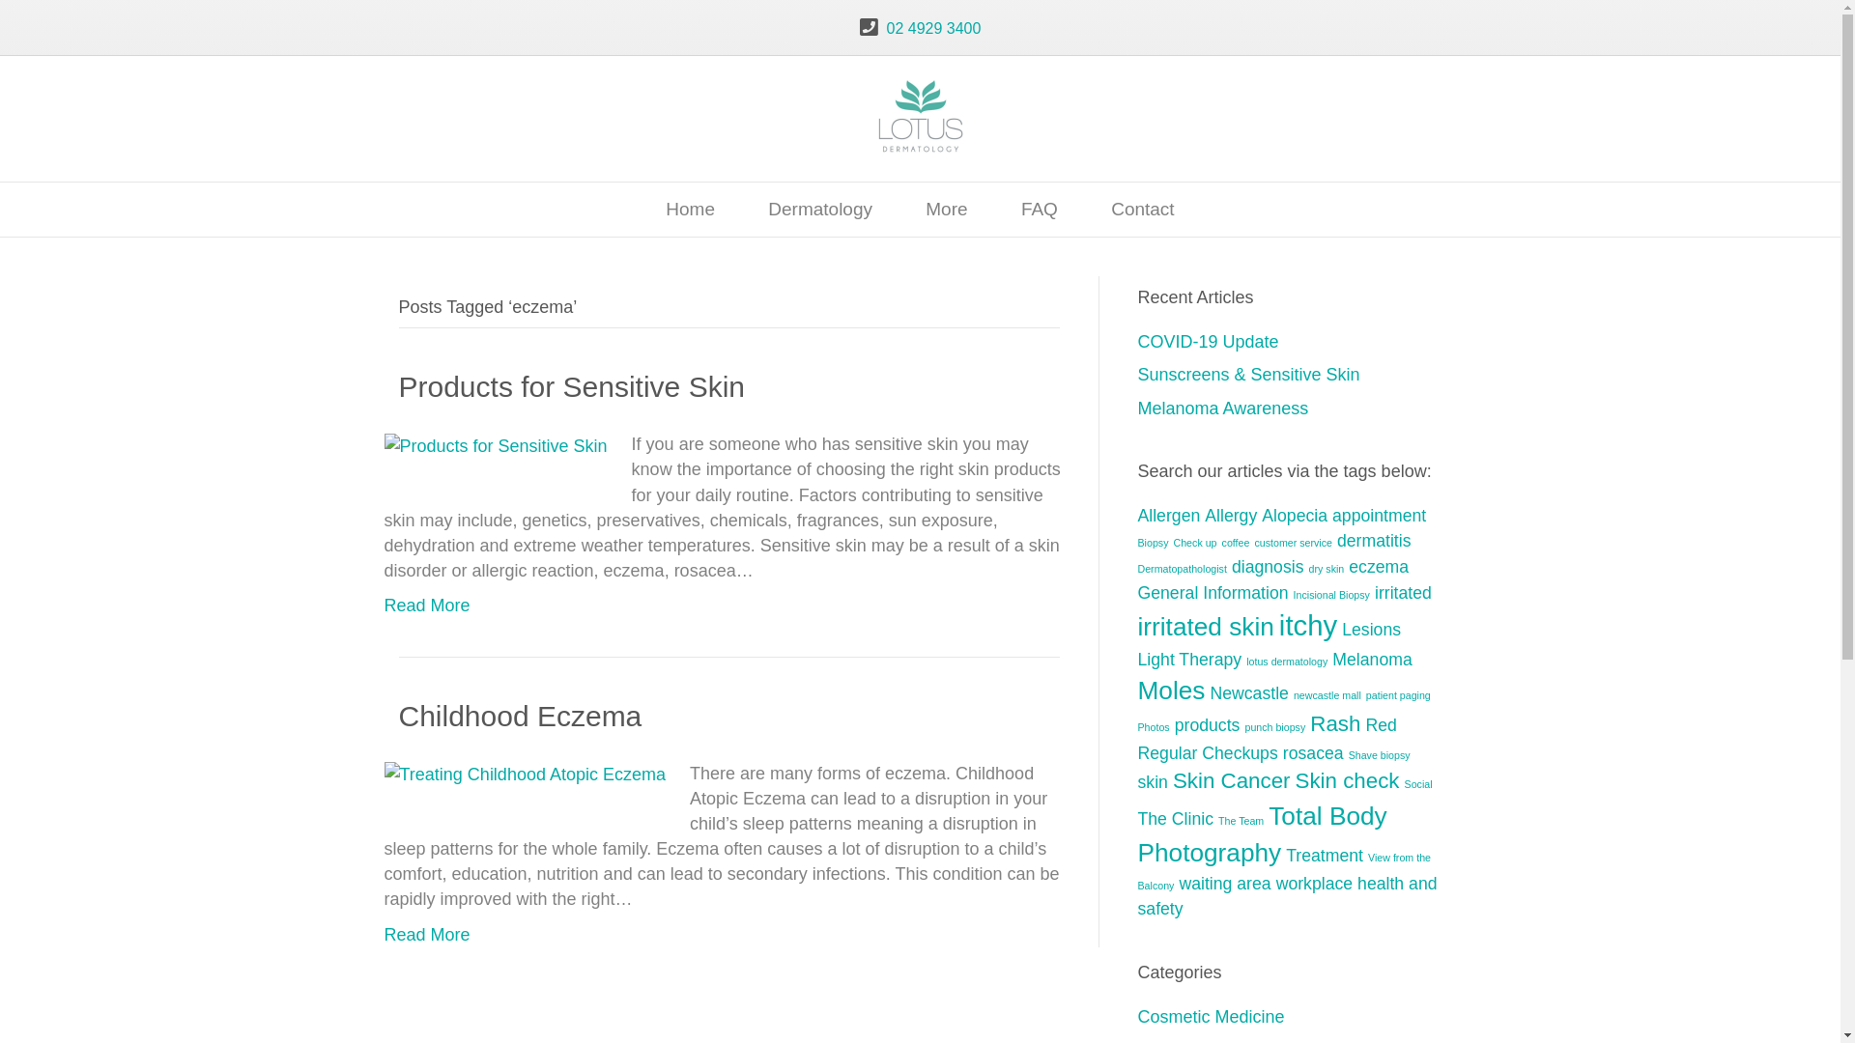  Describe the element at coordinates (1371, 658) in the screenshot. I see `'Melanoma'` at that location.